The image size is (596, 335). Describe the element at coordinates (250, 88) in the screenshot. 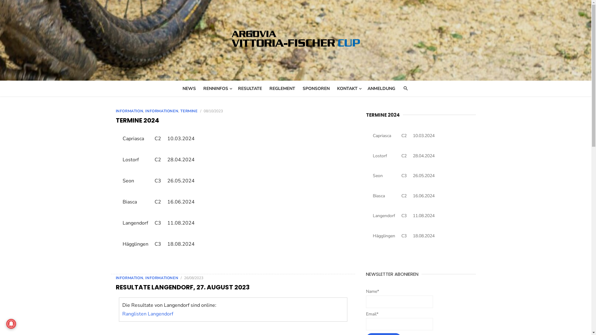

I see `'RESULTATE'` at that location.